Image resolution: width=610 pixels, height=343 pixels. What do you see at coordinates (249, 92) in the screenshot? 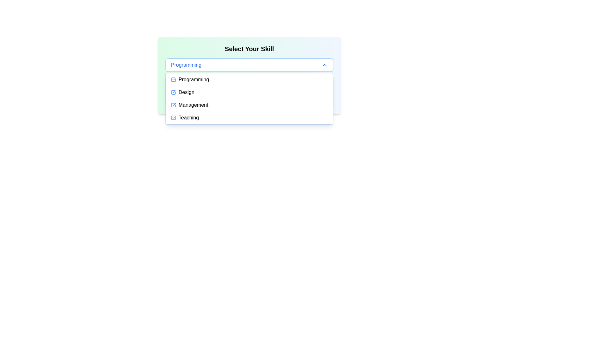
I see `the 'Design' option in the dropdown menu` at bounding box center [249, 92].